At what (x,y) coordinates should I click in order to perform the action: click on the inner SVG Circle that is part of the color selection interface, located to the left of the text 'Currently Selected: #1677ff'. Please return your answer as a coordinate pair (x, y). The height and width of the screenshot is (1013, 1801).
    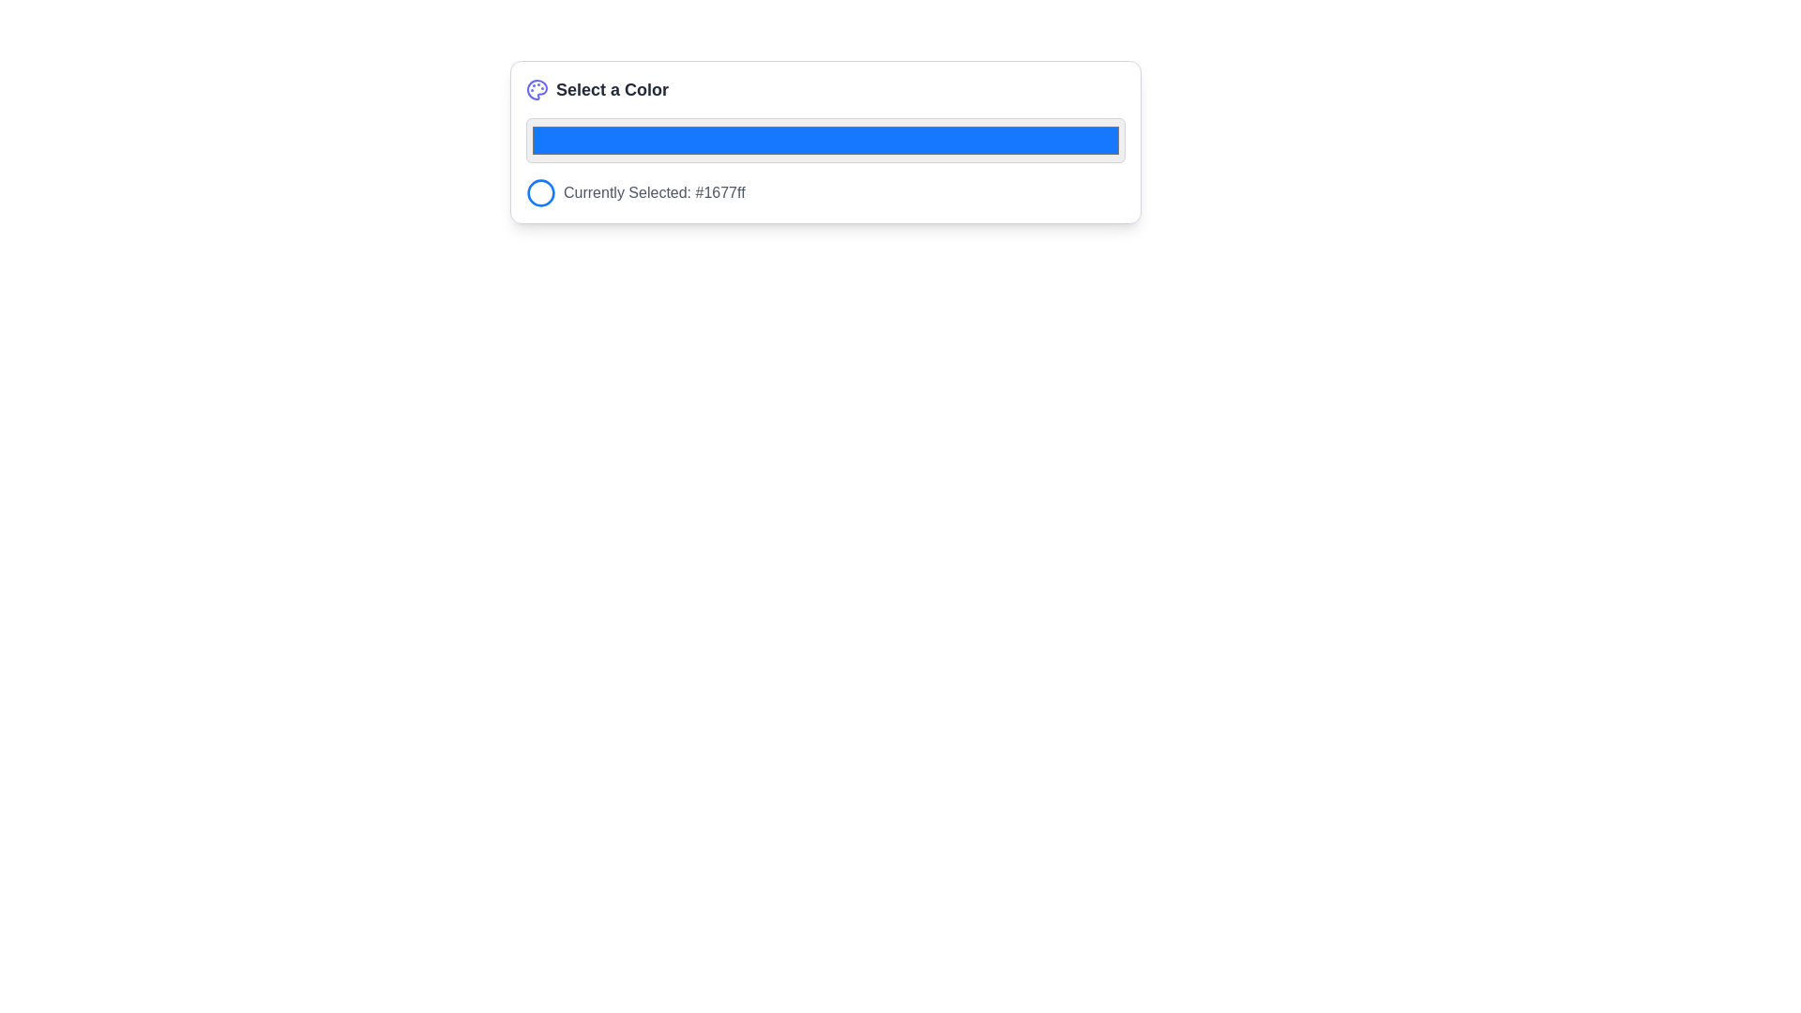
    Looking at the image, I should click on (539, 192).